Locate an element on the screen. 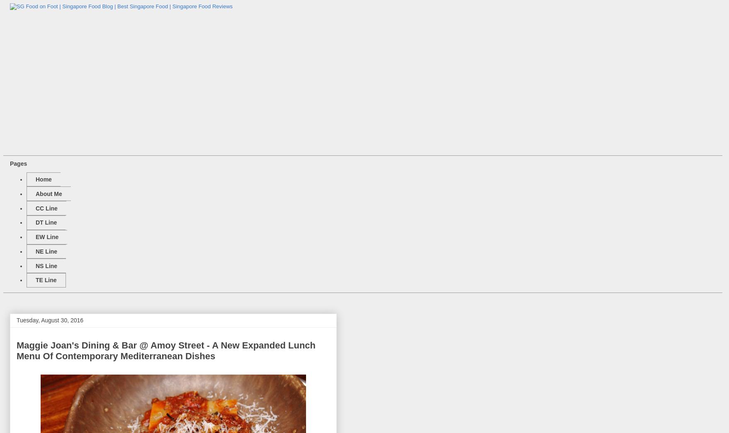 The width and height of the screenshot is (729, 433). 'NE Line' is located at coordinates (46, 250).